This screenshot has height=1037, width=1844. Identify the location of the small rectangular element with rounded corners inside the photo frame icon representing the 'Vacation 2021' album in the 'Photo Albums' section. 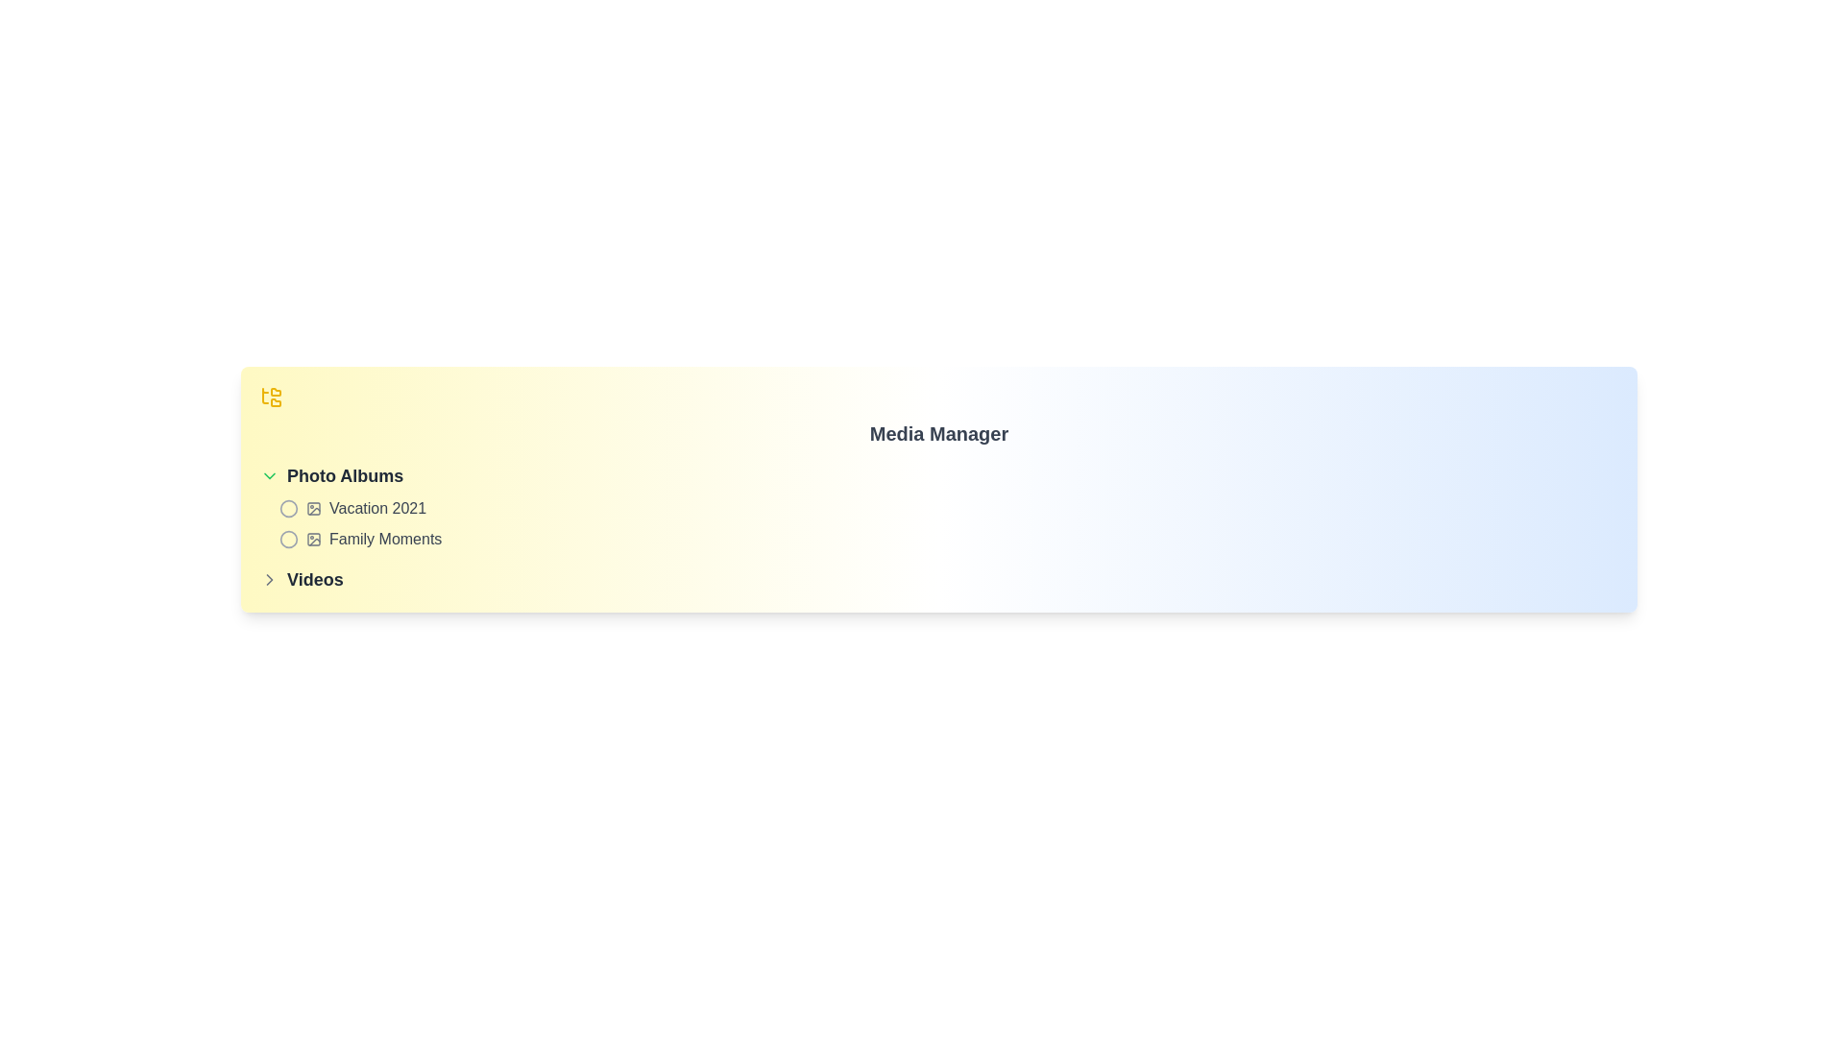
(313, 507).